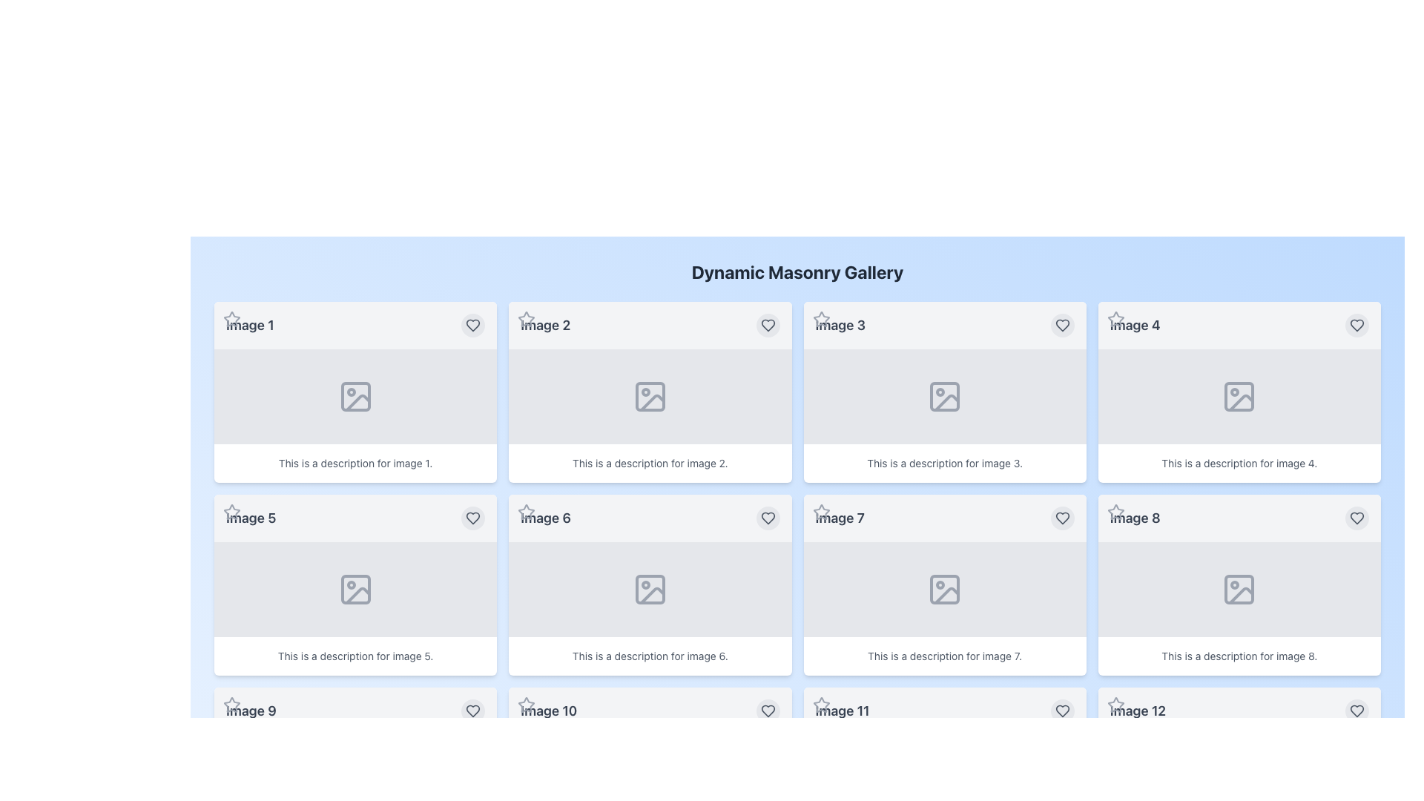 The image size is (1424, 801). I want to click on the decorative placeholder rectangle representing an image in the UI, located at the center of the card labeled 'Image 8', so click(1239, 588).